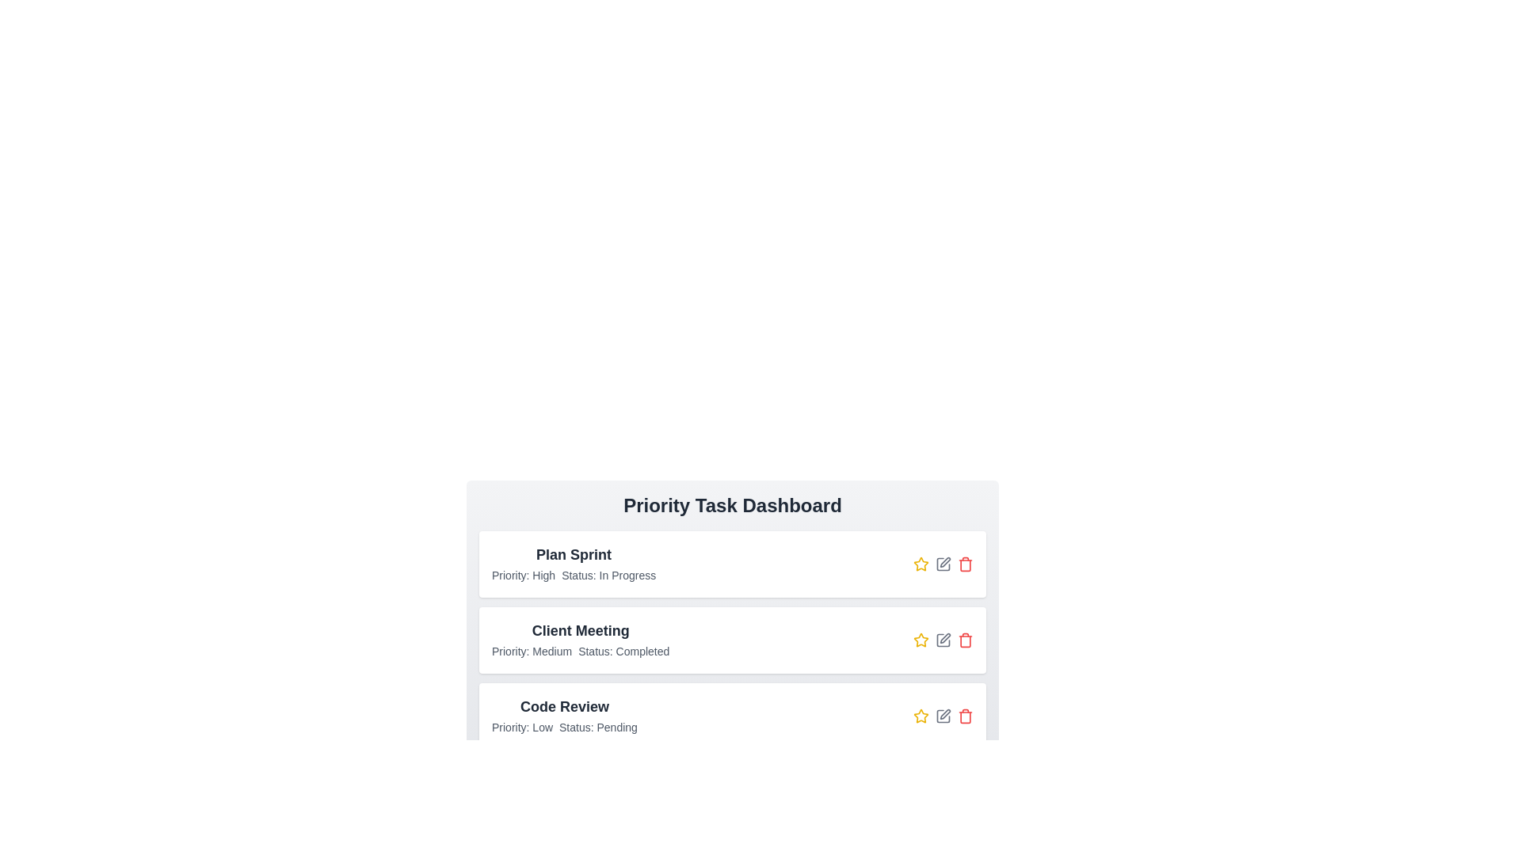  What do you see at coordinates (965, 640) in the screenshot?
I see `the delete button for the task titled Client Meeting` at bounding box center [965, 640].